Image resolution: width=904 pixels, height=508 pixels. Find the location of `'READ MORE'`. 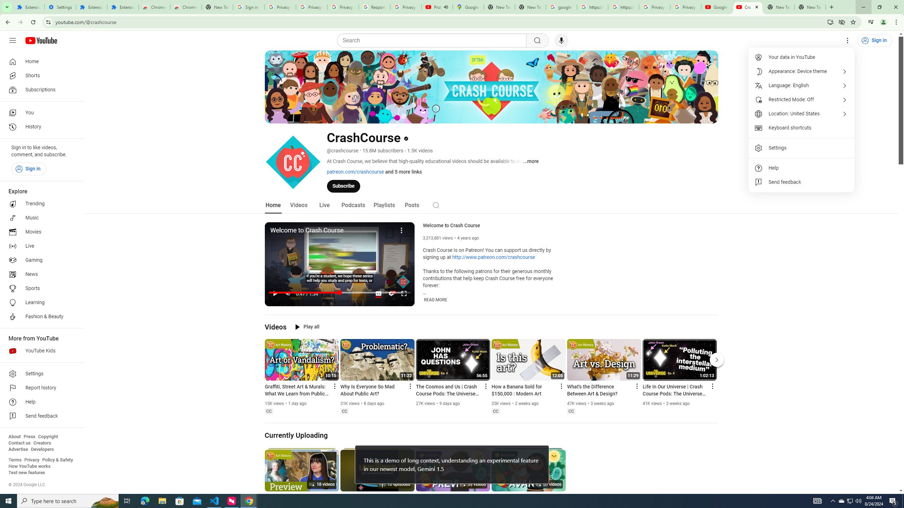

'READ MORE' is located at coordinates (435, 300).